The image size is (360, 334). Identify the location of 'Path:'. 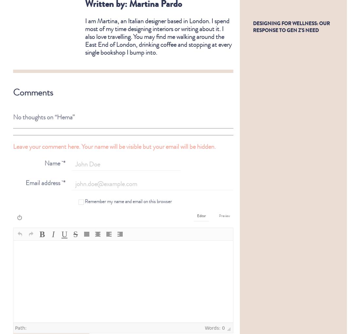
(14, 323).